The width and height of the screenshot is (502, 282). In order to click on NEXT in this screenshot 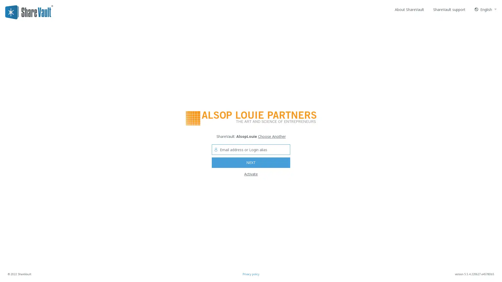, I will do `click(251, 162)`.